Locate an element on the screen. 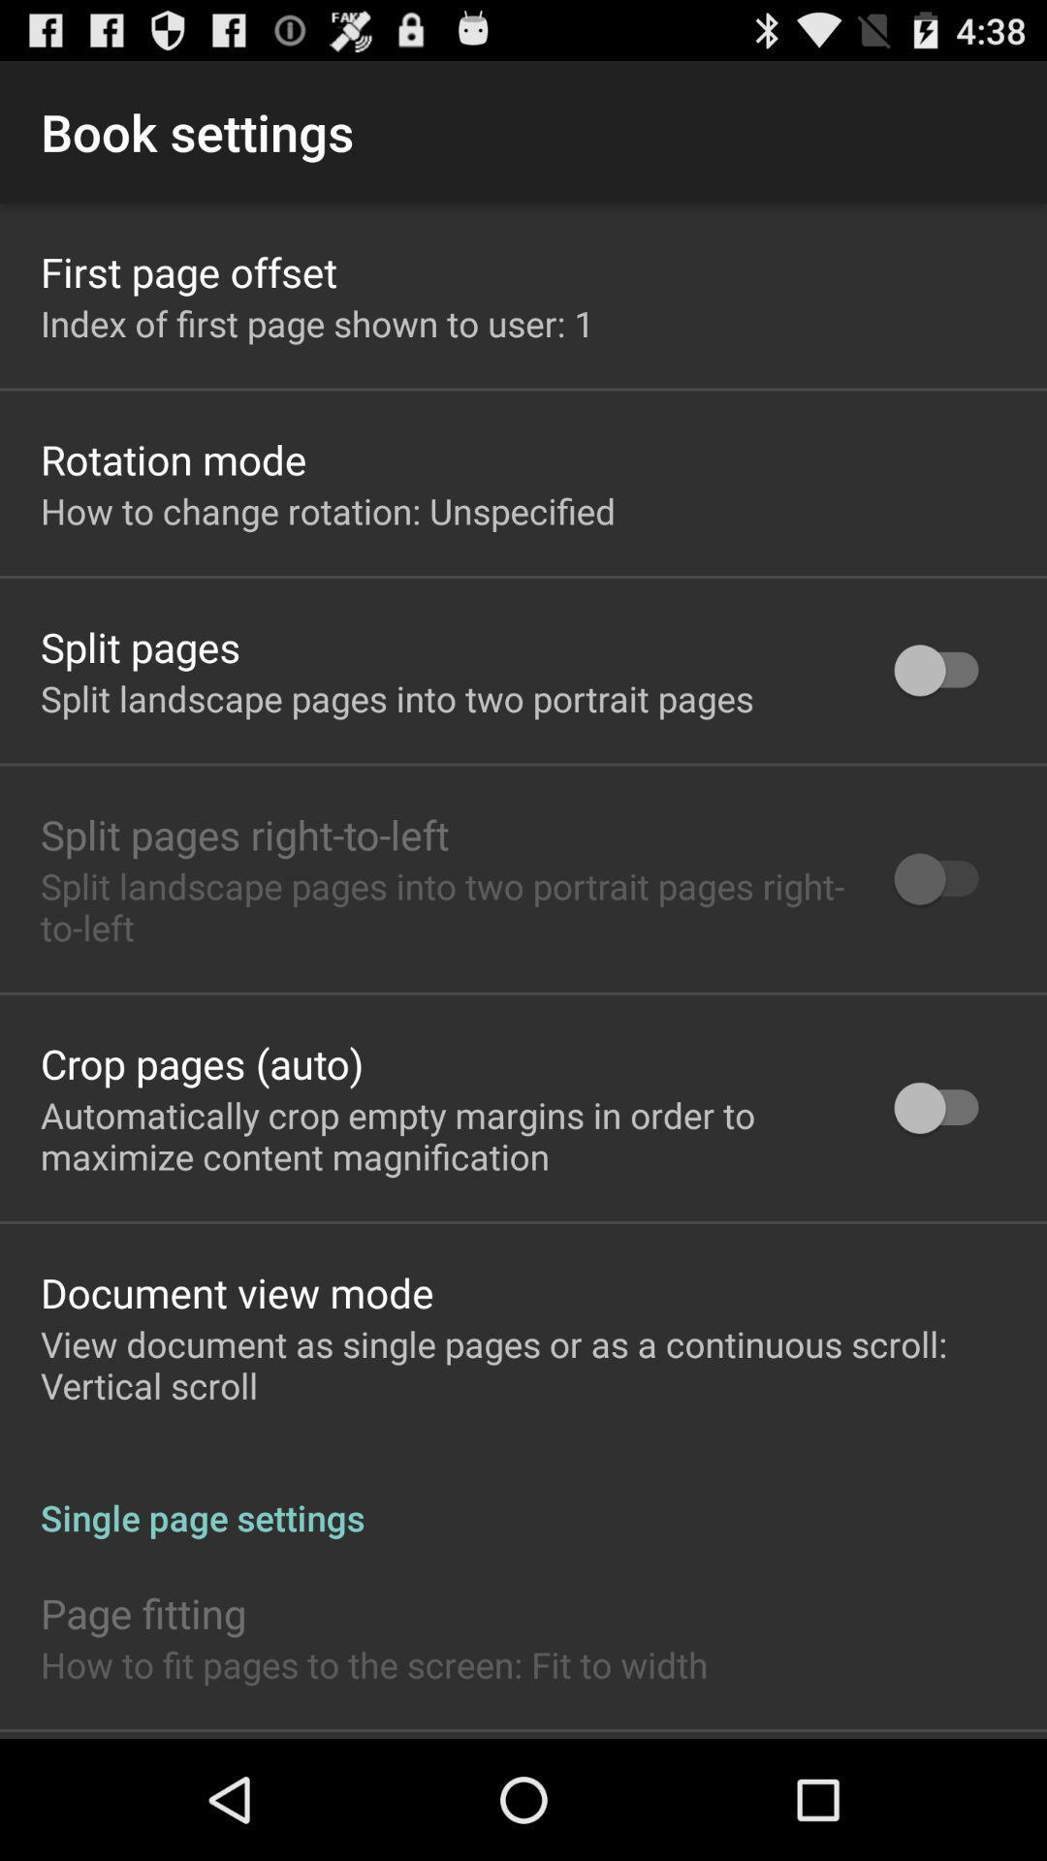 This screenshot has width=1047, height=1861. the app above the page fitting is located at coordinates (523, 1497).